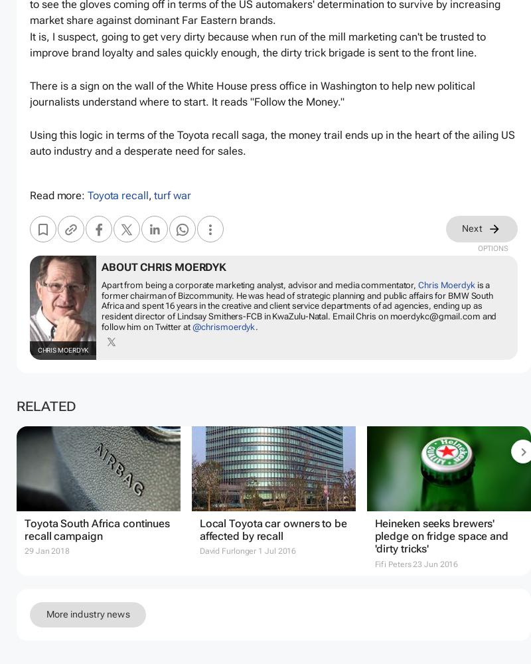 The image size is (531, 664). I want to click on 'Read more:', so click(58, 195).